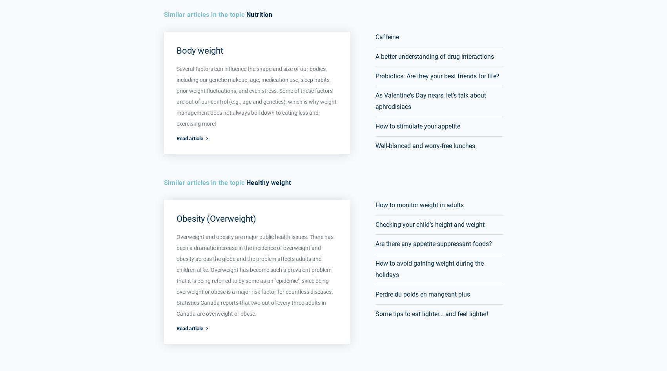 This screenshot has width=667, height=371. I want to click on 'As Valentine's Day nears, let's talk about aphrodisiacs', so click(430, 101).